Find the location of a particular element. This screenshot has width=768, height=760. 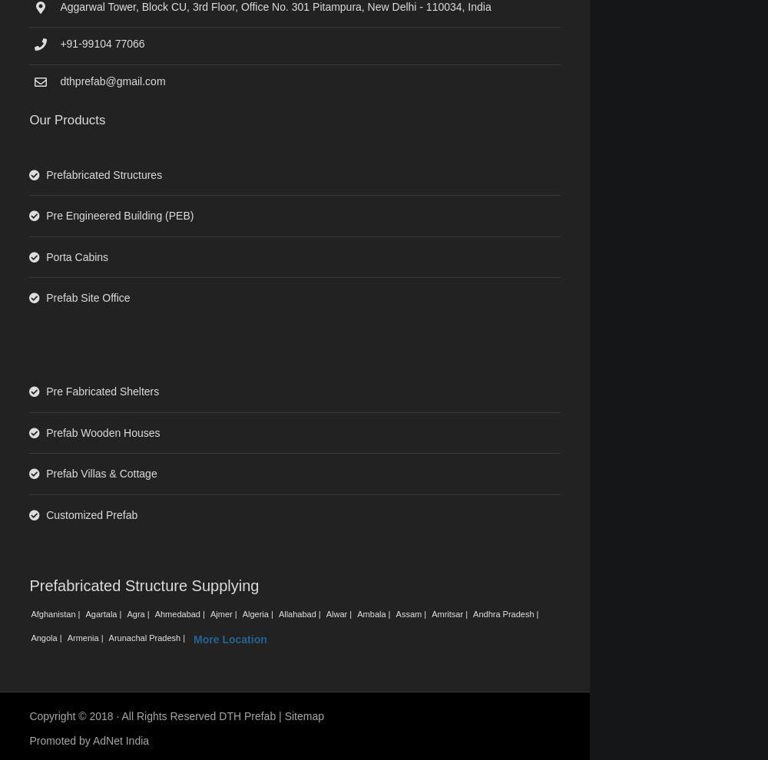

'Prefab Wooden Houses' is located at coordinates (103, 432).